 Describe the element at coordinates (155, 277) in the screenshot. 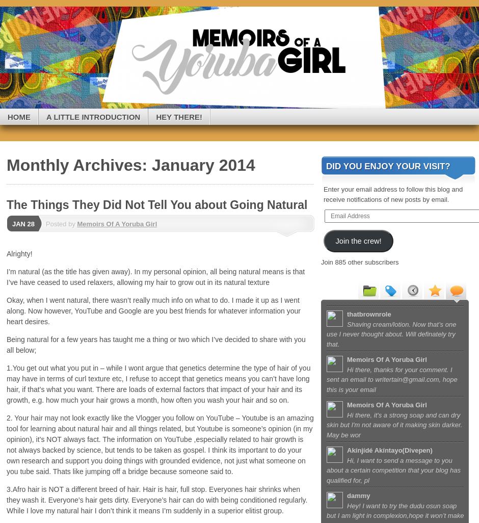

I see `'I’m natural (as the title has given away). In my personal opinion, all being natural means is that I’ve have ceased to used relaxers, allowing my hair to grow out in its natural texture'` at that location.